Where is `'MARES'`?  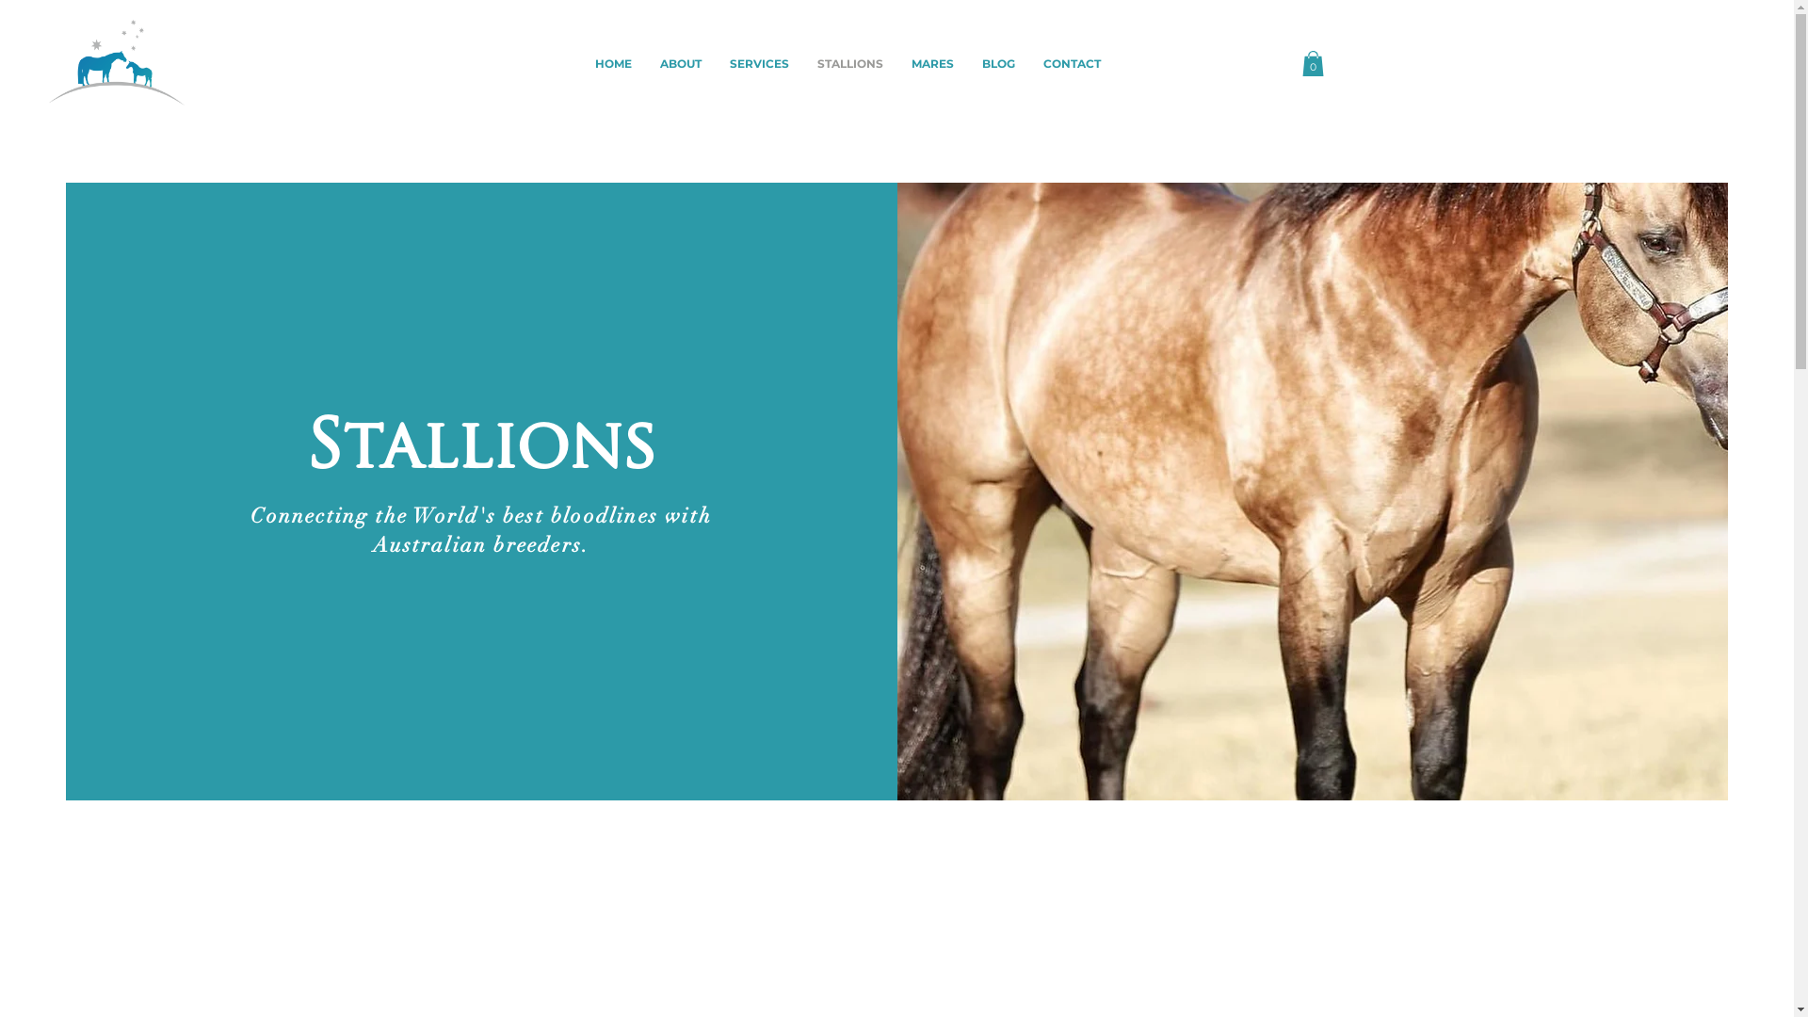 'MARES' is located at coordinates (932, 62).